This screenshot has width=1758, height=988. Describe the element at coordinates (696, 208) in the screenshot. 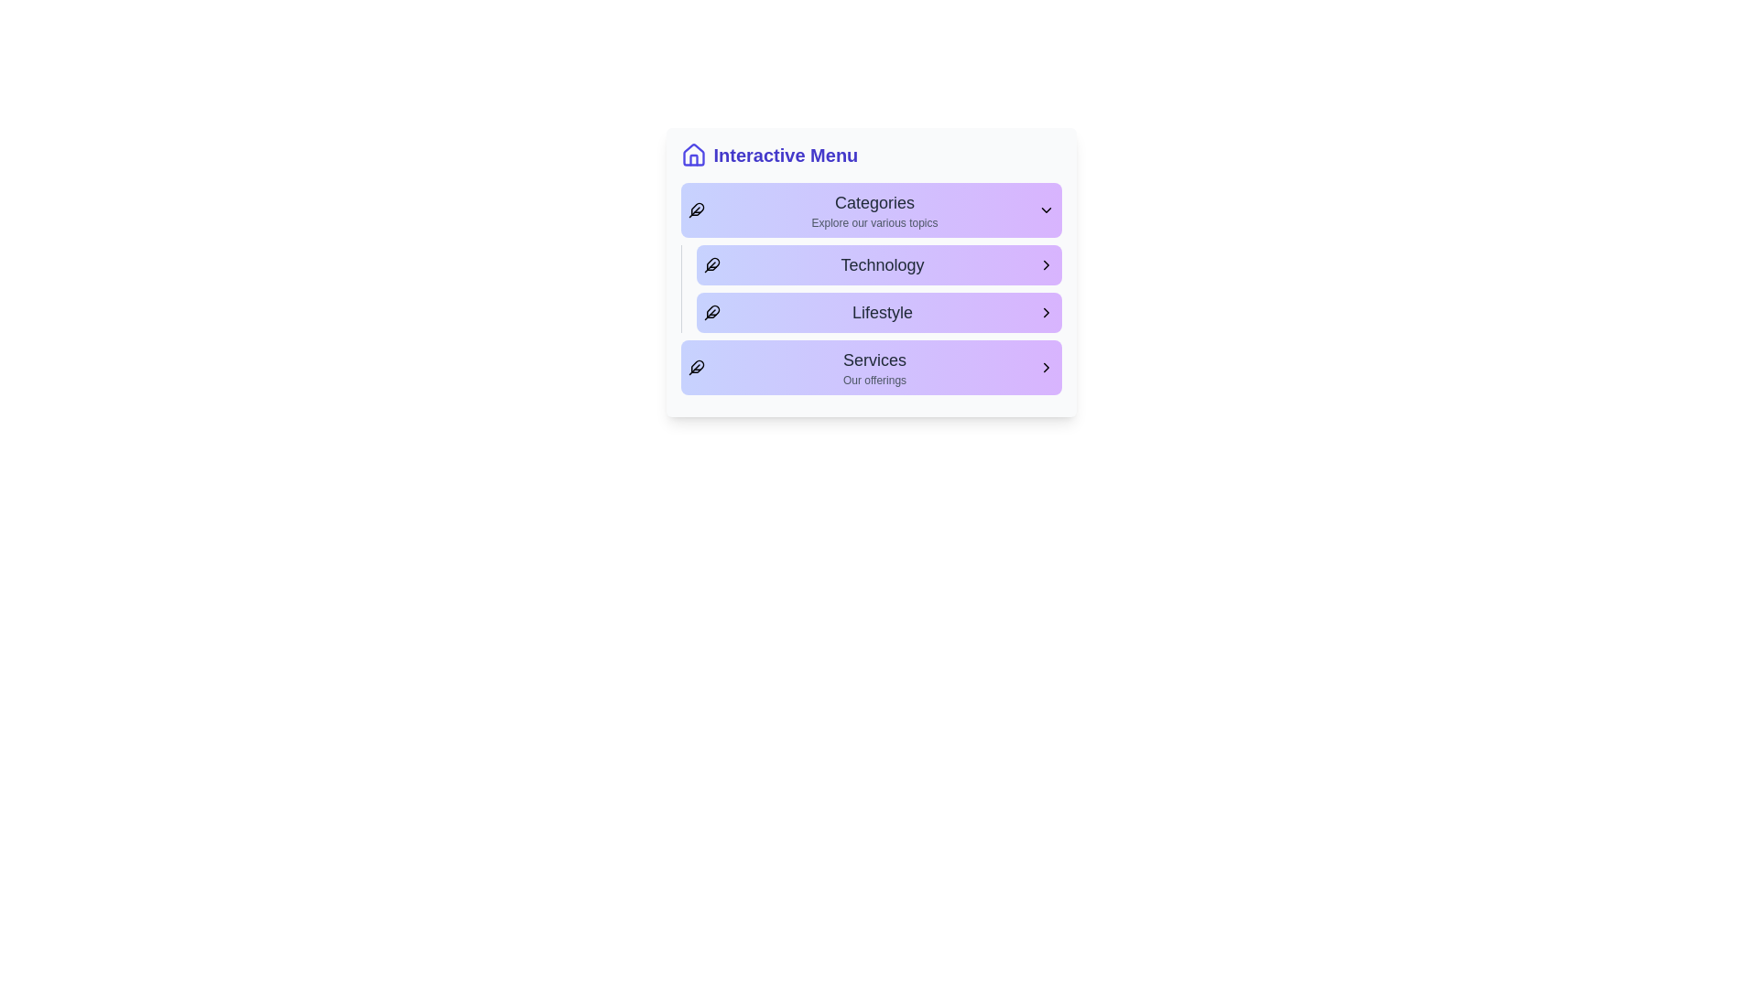

I see `the feather icon located in the topmost row of the menu, adjacent to the 'Categories' section, for its visual significance` at that location.